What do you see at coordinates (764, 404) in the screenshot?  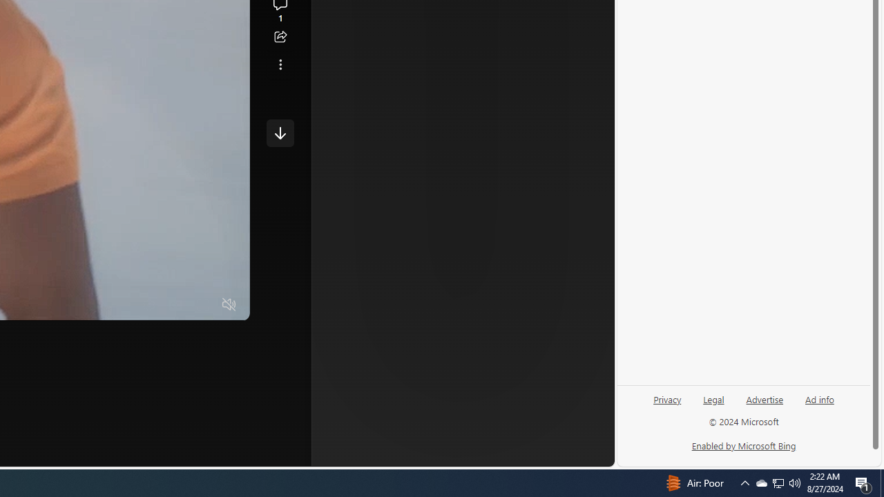 I see `'Advertise'` at bounding box center [764, 404].